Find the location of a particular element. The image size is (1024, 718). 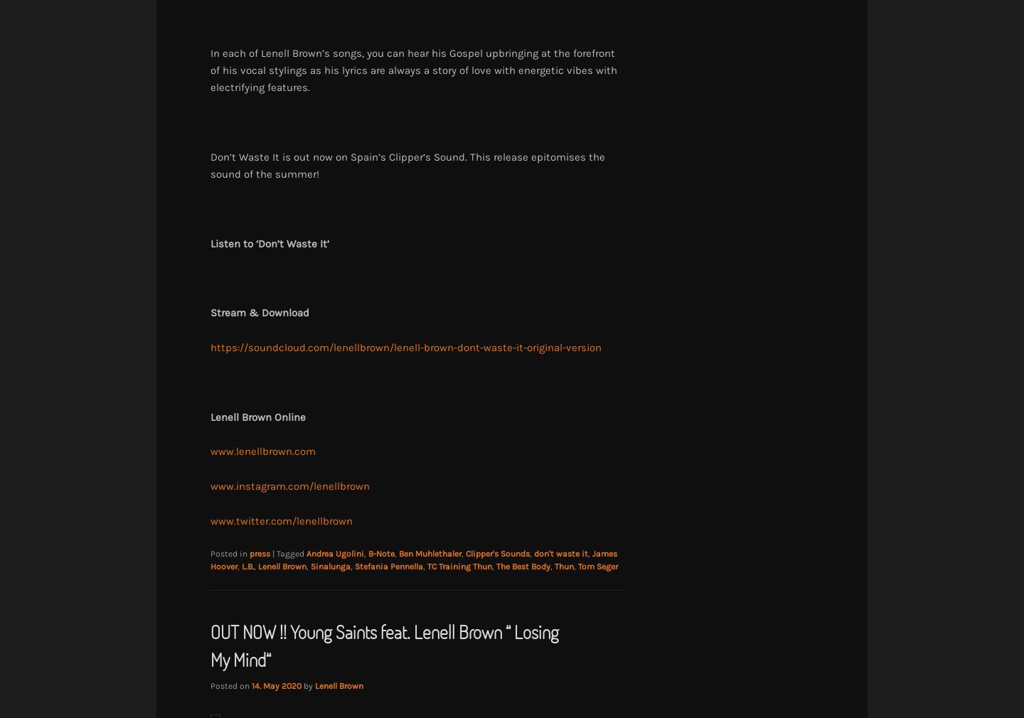

'14. May 2020' is located at coordinates (275, 685).